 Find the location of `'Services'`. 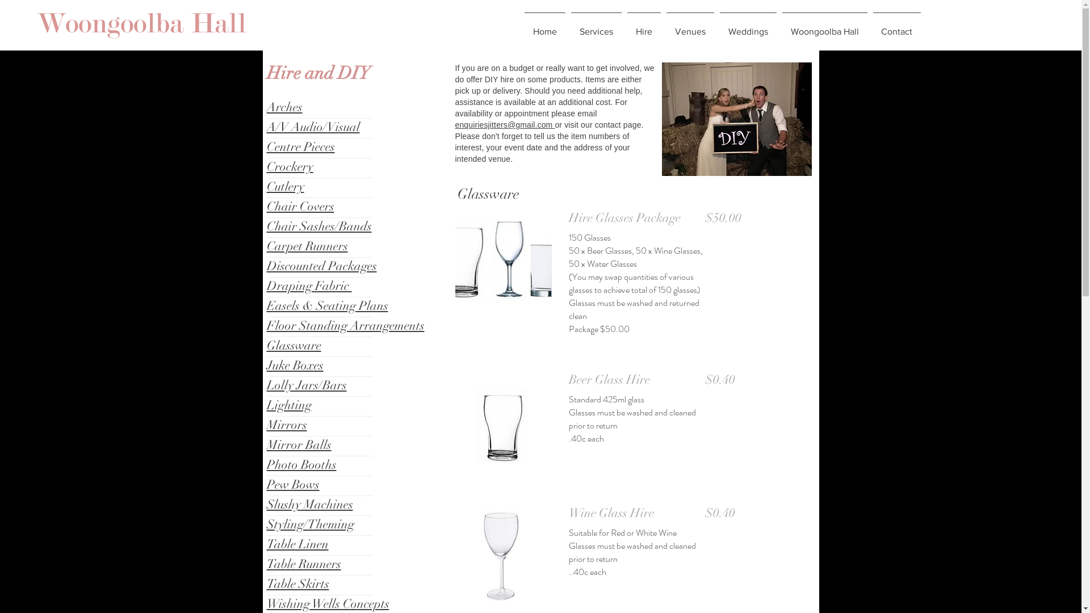

'Services' is located at coordinates (567, 26).